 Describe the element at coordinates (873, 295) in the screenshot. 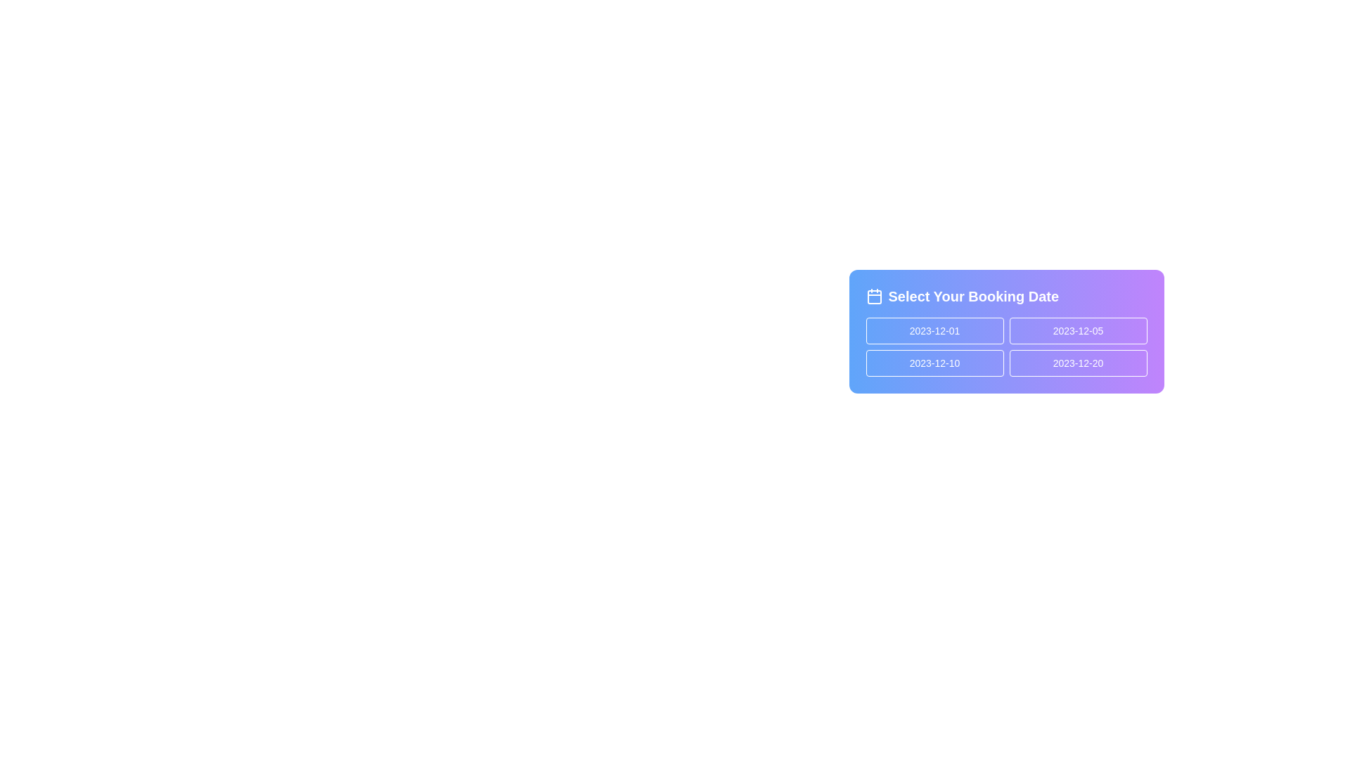

I see `the calendar icon, which is styled in white and located in the blue rectangular header area at the top-left corner of the section containing 'Select Your Booking Date'` at that location.